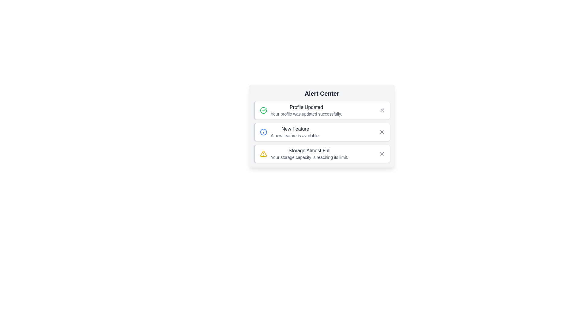 The image size is (579, 325). Describe the element at coordinates (263, 153) in the screenshot. I see `the warning icon representing the 'Storage Almost Full' alert located in the alert notification panel` at that location.